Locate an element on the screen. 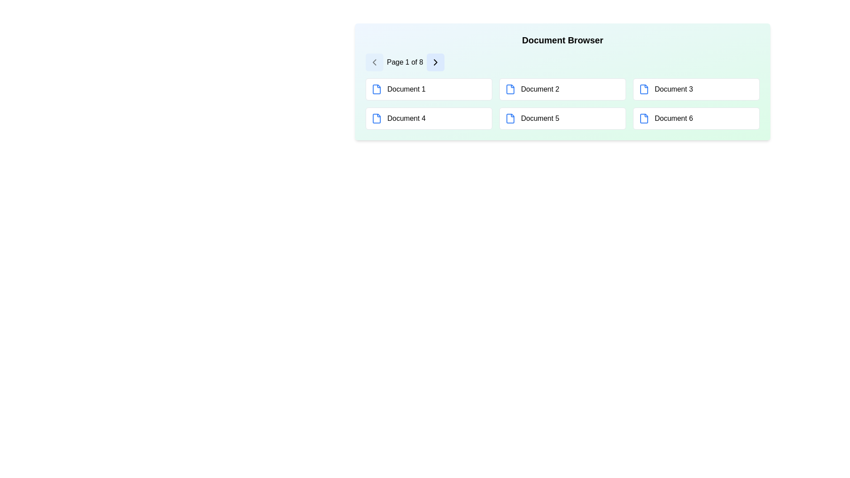 This screenshot has height=478, width=850. the icon representing the document labeled 'Document 5' is located at coordinates (510, 118).